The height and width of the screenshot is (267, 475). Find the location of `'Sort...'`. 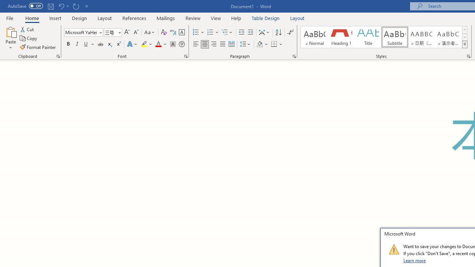

'Sort...' is located at coordinates (278, 32).